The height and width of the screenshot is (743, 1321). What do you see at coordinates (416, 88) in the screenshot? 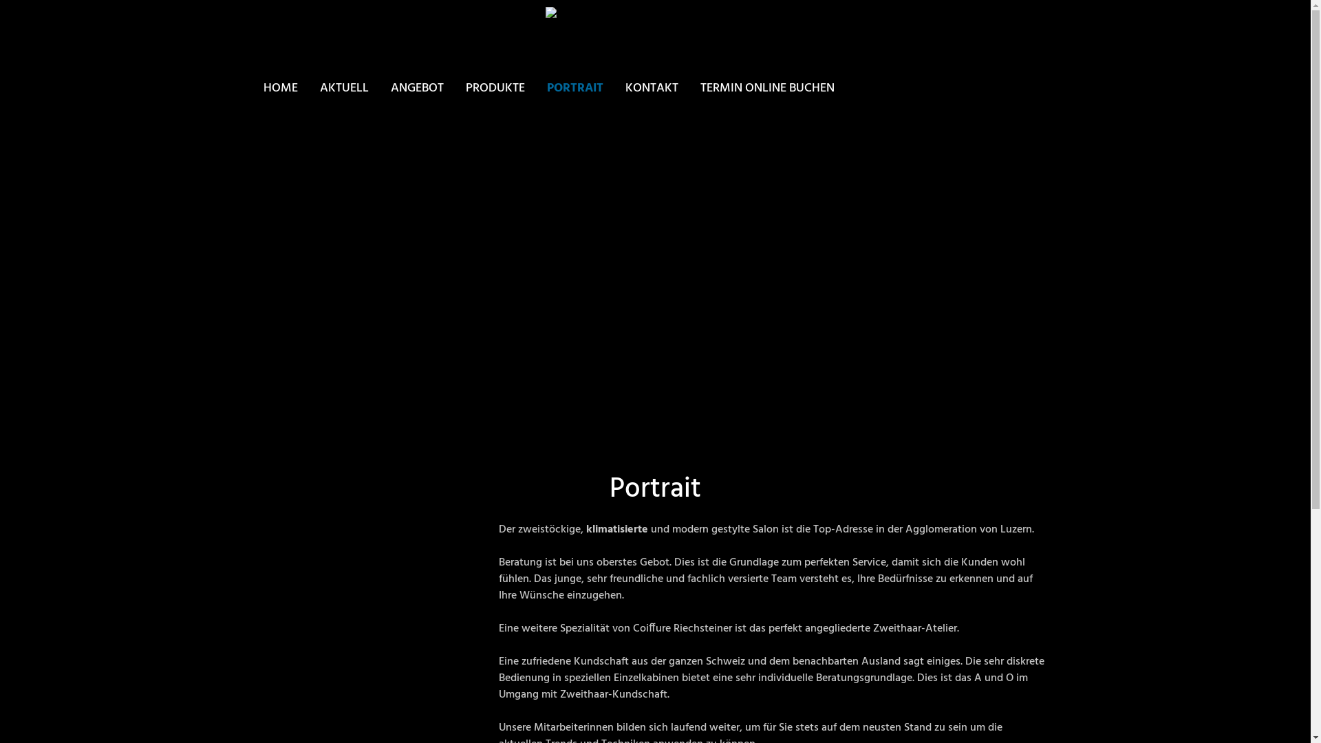
I see `'ANGEBOT'` at bounding box center [416, 88].